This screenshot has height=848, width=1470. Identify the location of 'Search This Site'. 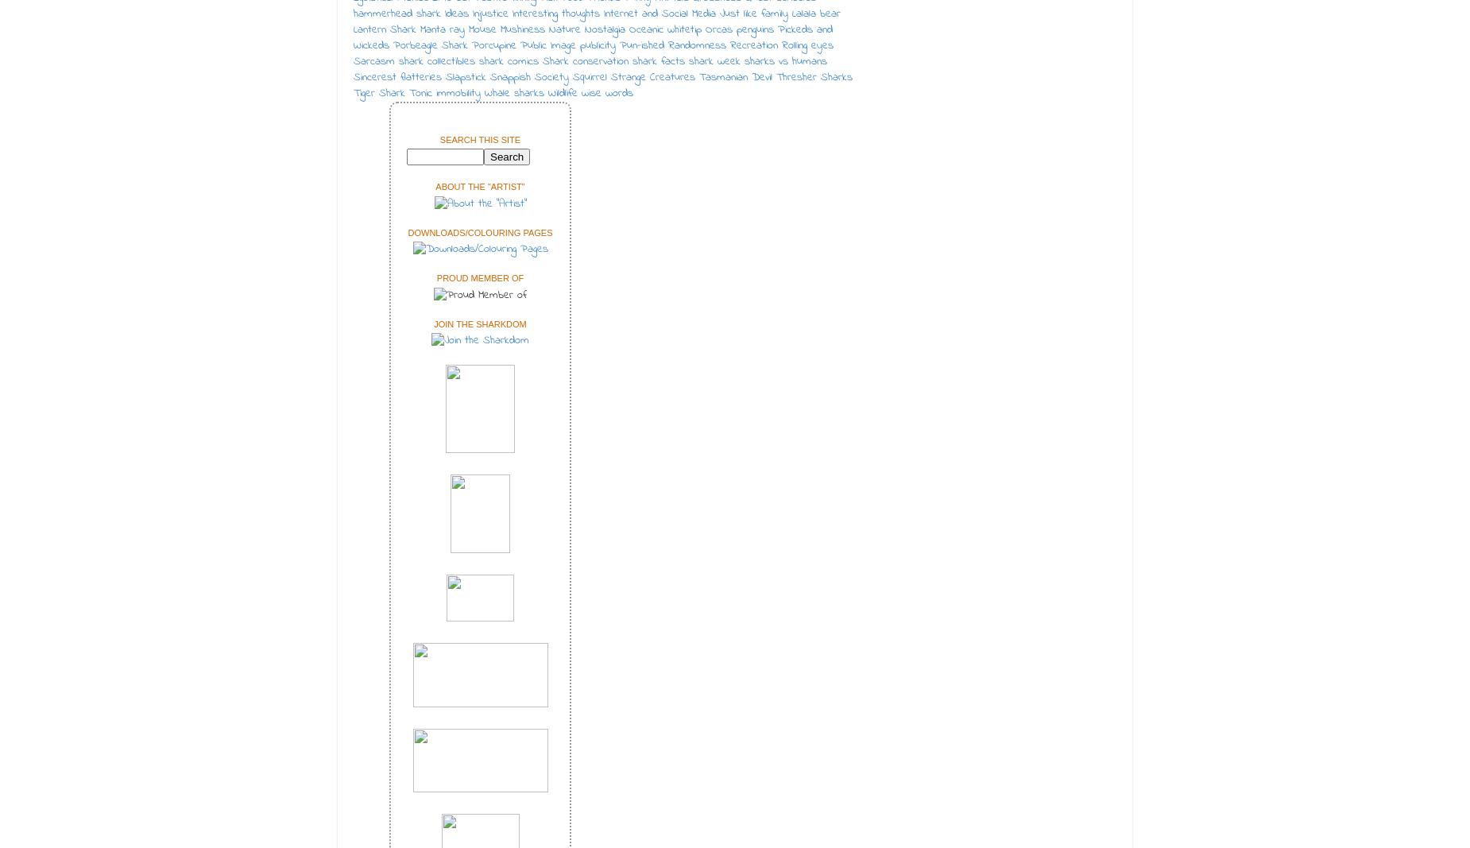
(480, 137).